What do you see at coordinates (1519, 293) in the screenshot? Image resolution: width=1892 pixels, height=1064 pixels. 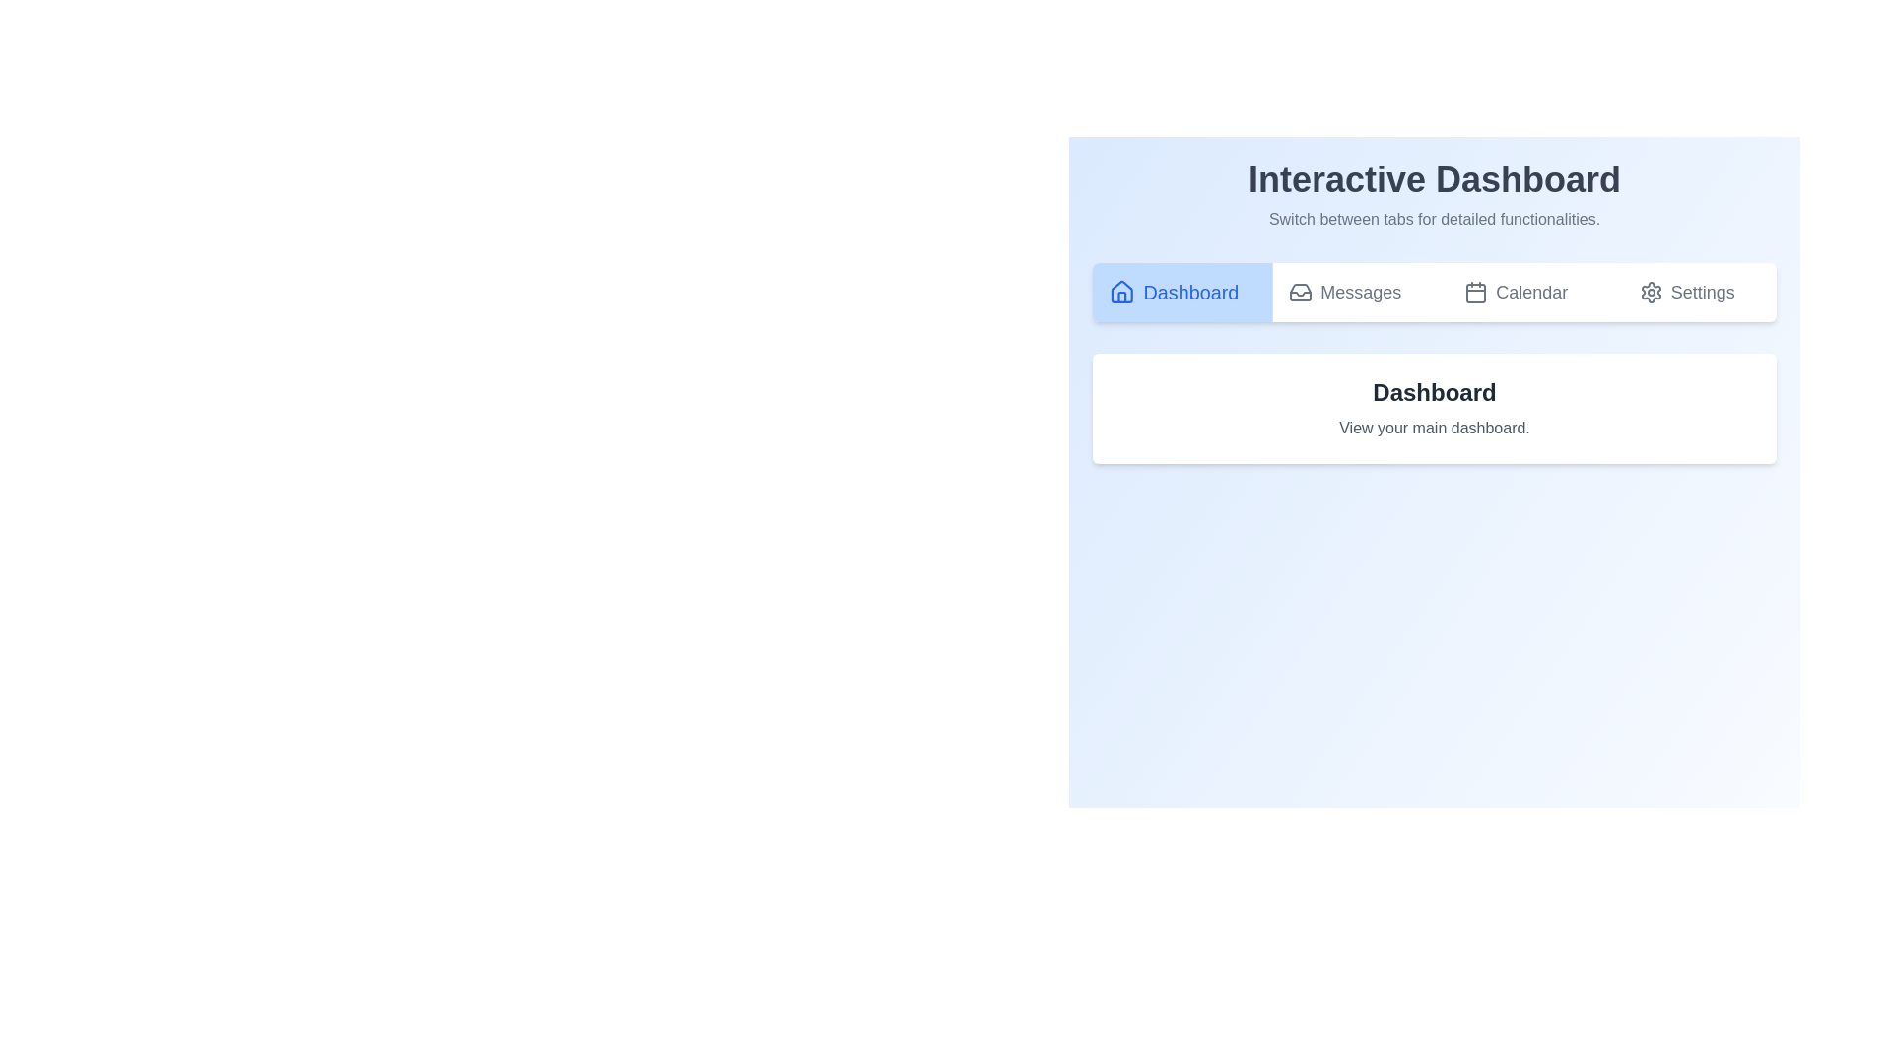 I see `the navigation tab that allows users to switch to the calendar view, located third from the left in the navigation bar, to observe the hover style change` at bounding box center [1519, 293].